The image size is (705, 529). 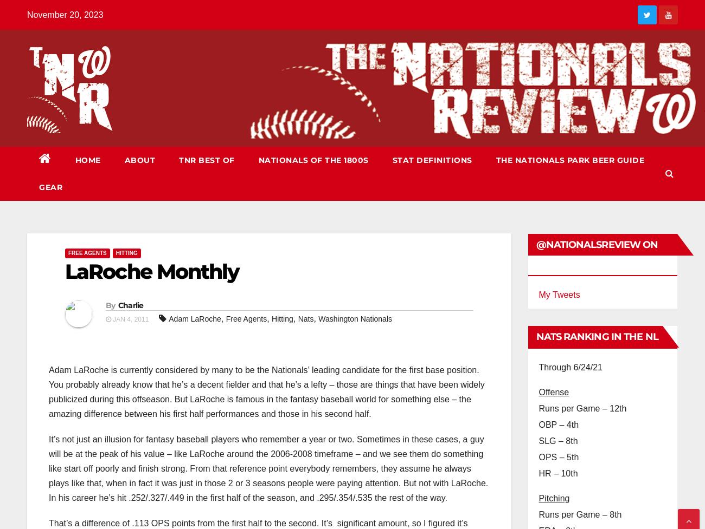 I want to click on 'About', so click(x=139, y=160).